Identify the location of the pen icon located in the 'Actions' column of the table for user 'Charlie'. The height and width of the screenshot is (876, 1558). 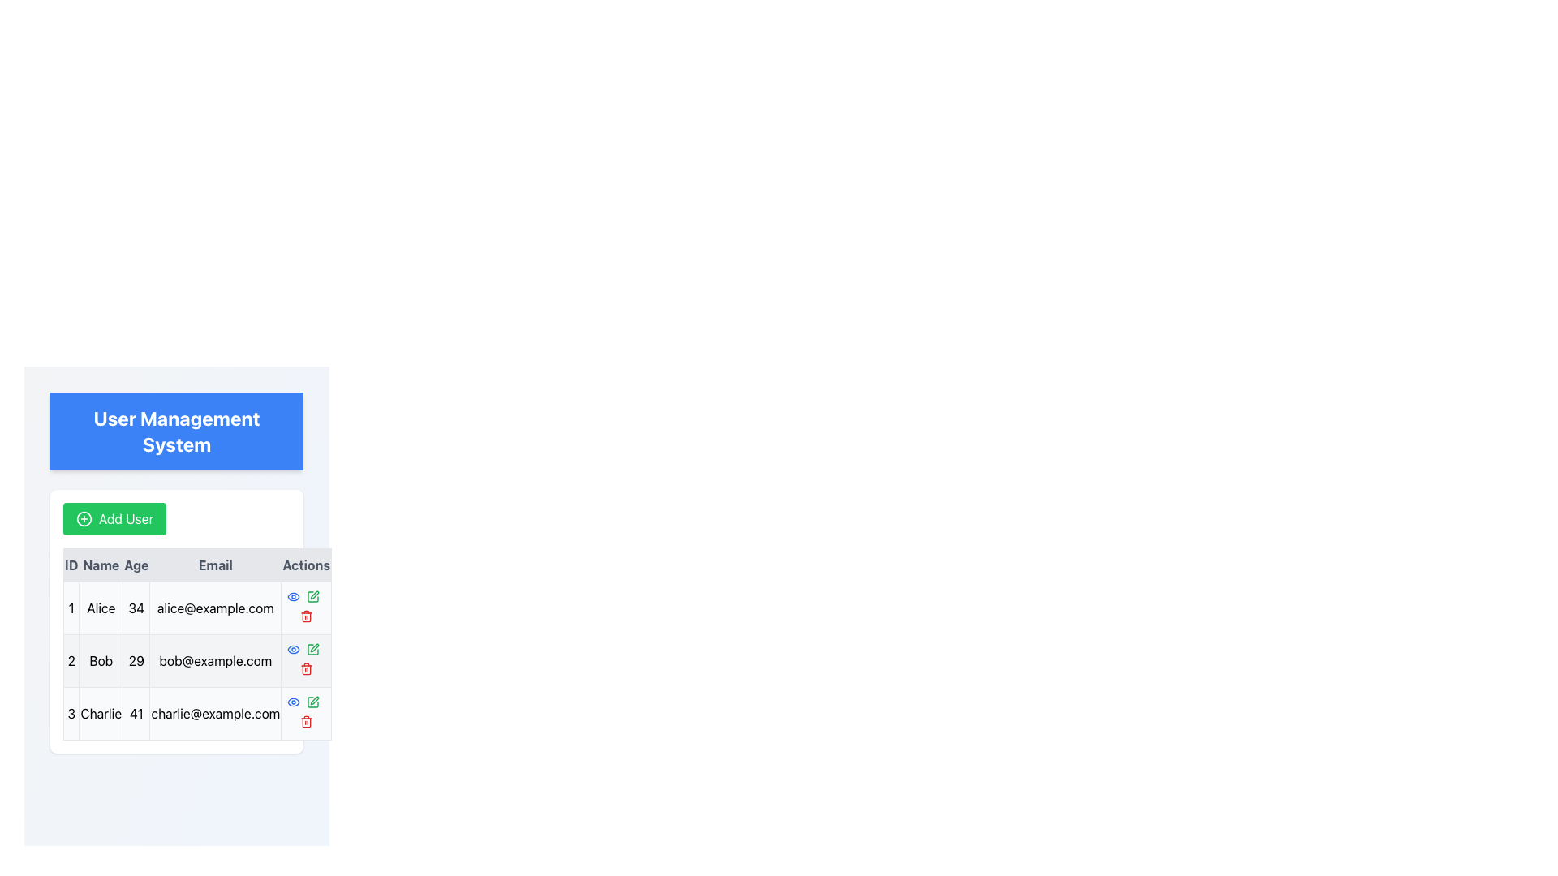
(314, 646).